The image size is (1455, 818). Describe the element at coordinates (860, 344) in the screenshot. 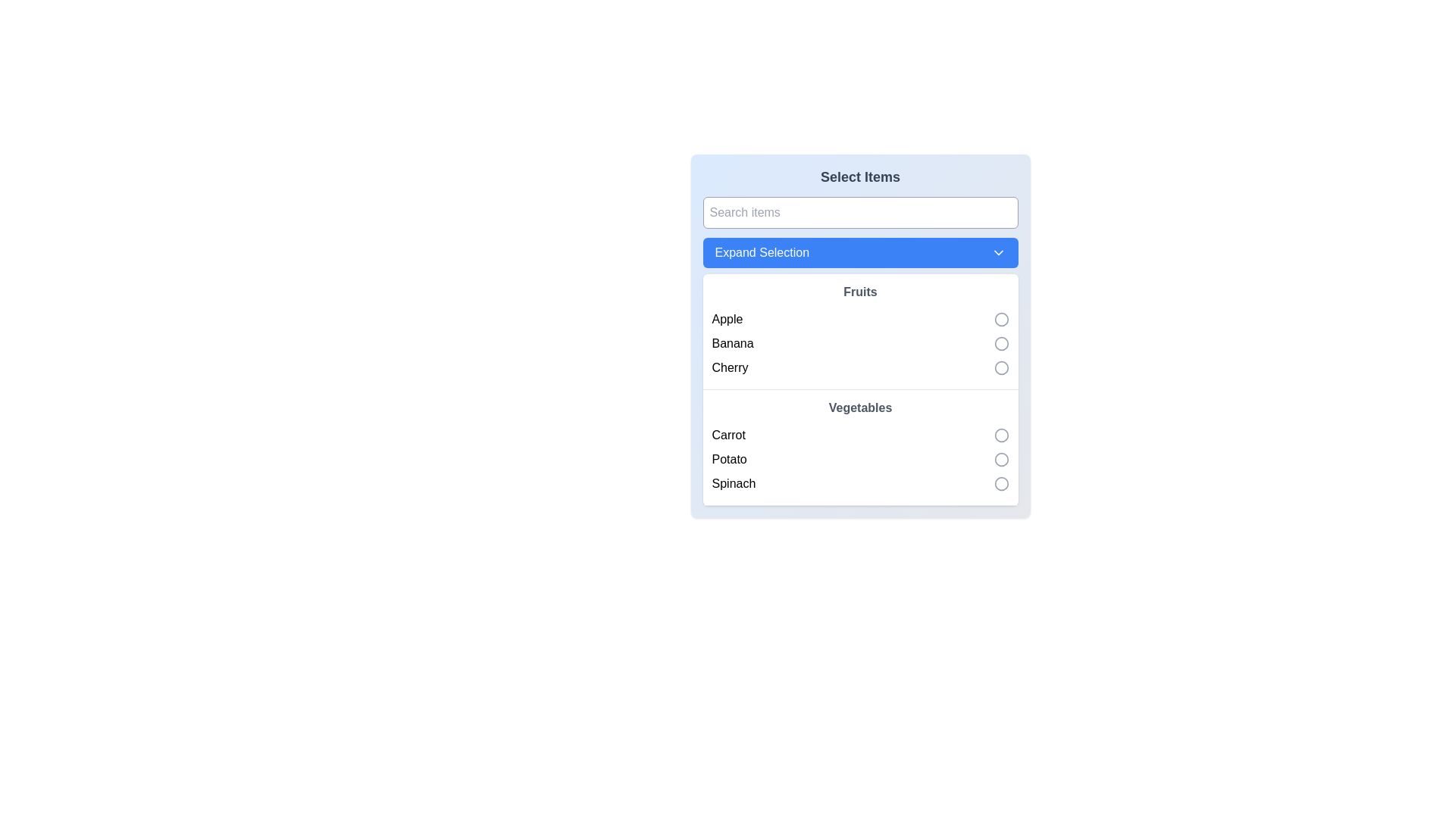

I see `the unselected circular radio button next to the 'Banana' list item in the 'Fruits' section` at that location.